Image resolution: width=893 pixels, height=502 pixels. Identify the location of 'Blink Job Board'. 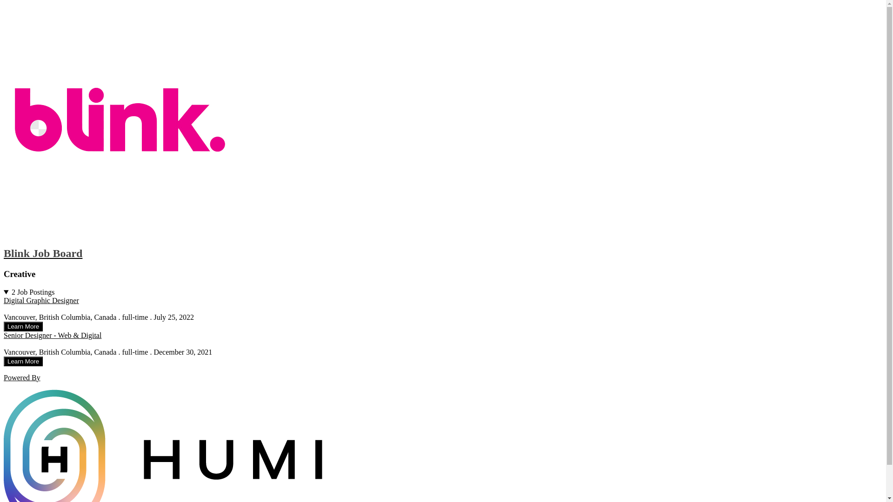
(442, 132).